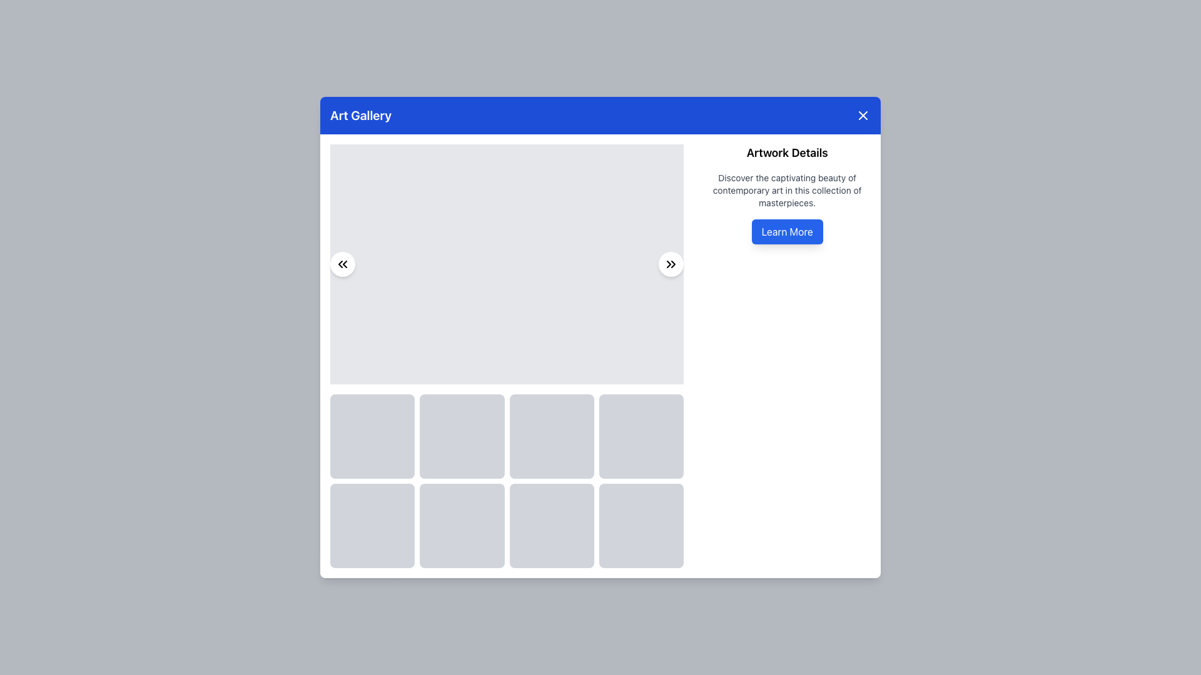 The width and height of the screenshot is (1201, 675). Describe the element at coordinates (671, 263) in the screenshot. I see `the navigation icon located in the circular button on the right middle side of the main content area` at that location.